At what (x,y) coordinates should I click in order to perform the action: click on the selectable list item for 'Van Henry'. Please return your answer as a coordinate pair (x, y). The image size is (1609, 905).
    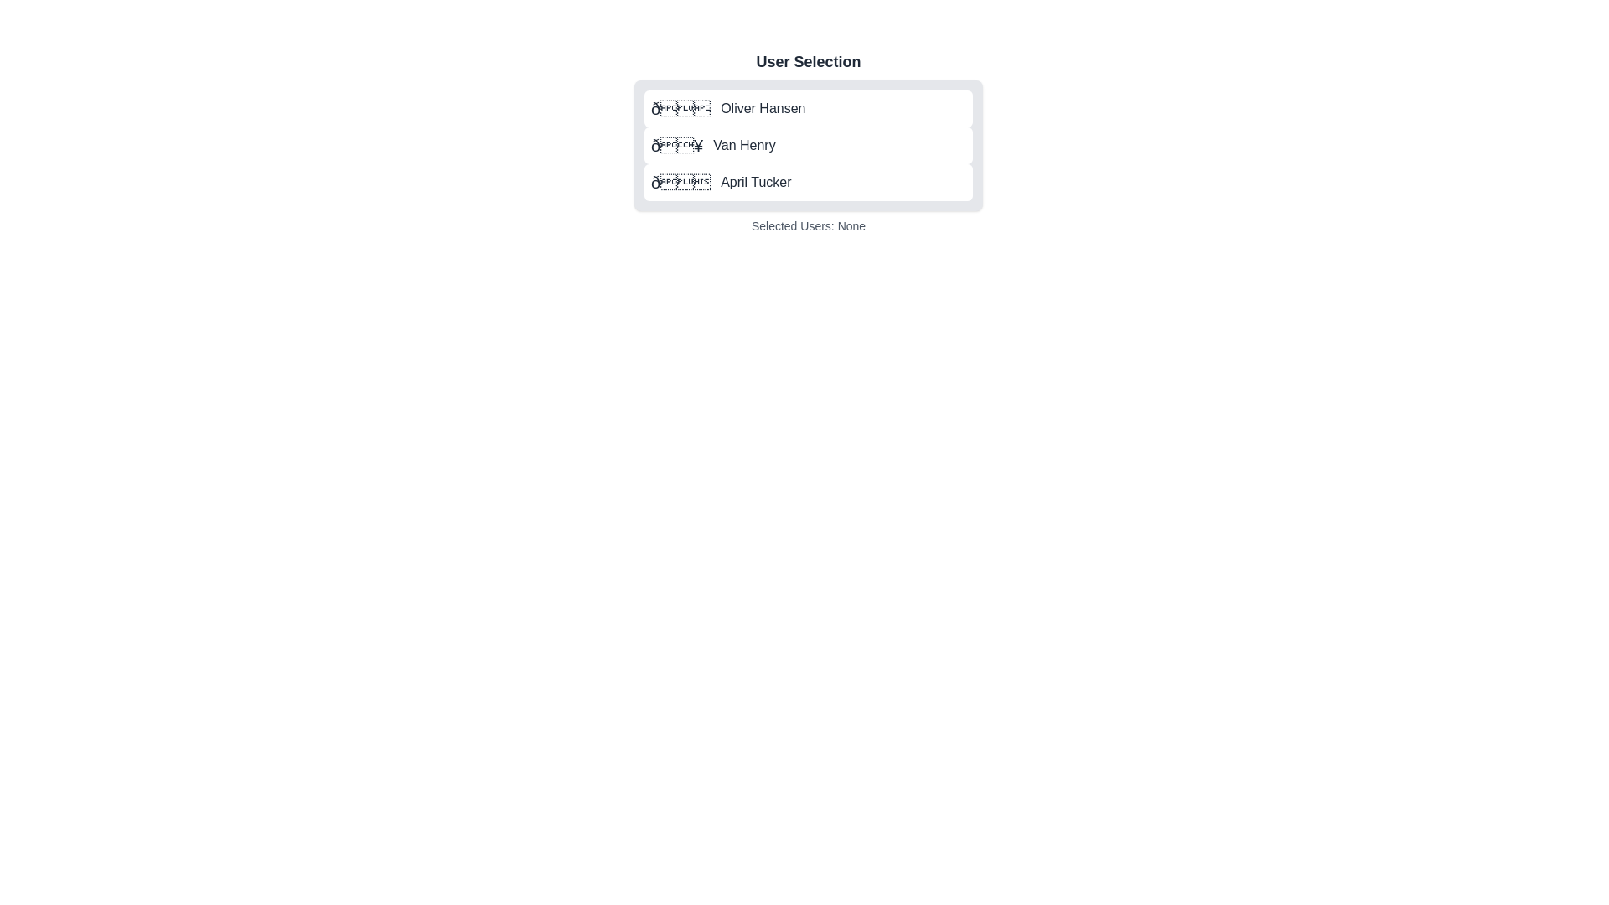
    Looking at the image, I should click on (808, 144).